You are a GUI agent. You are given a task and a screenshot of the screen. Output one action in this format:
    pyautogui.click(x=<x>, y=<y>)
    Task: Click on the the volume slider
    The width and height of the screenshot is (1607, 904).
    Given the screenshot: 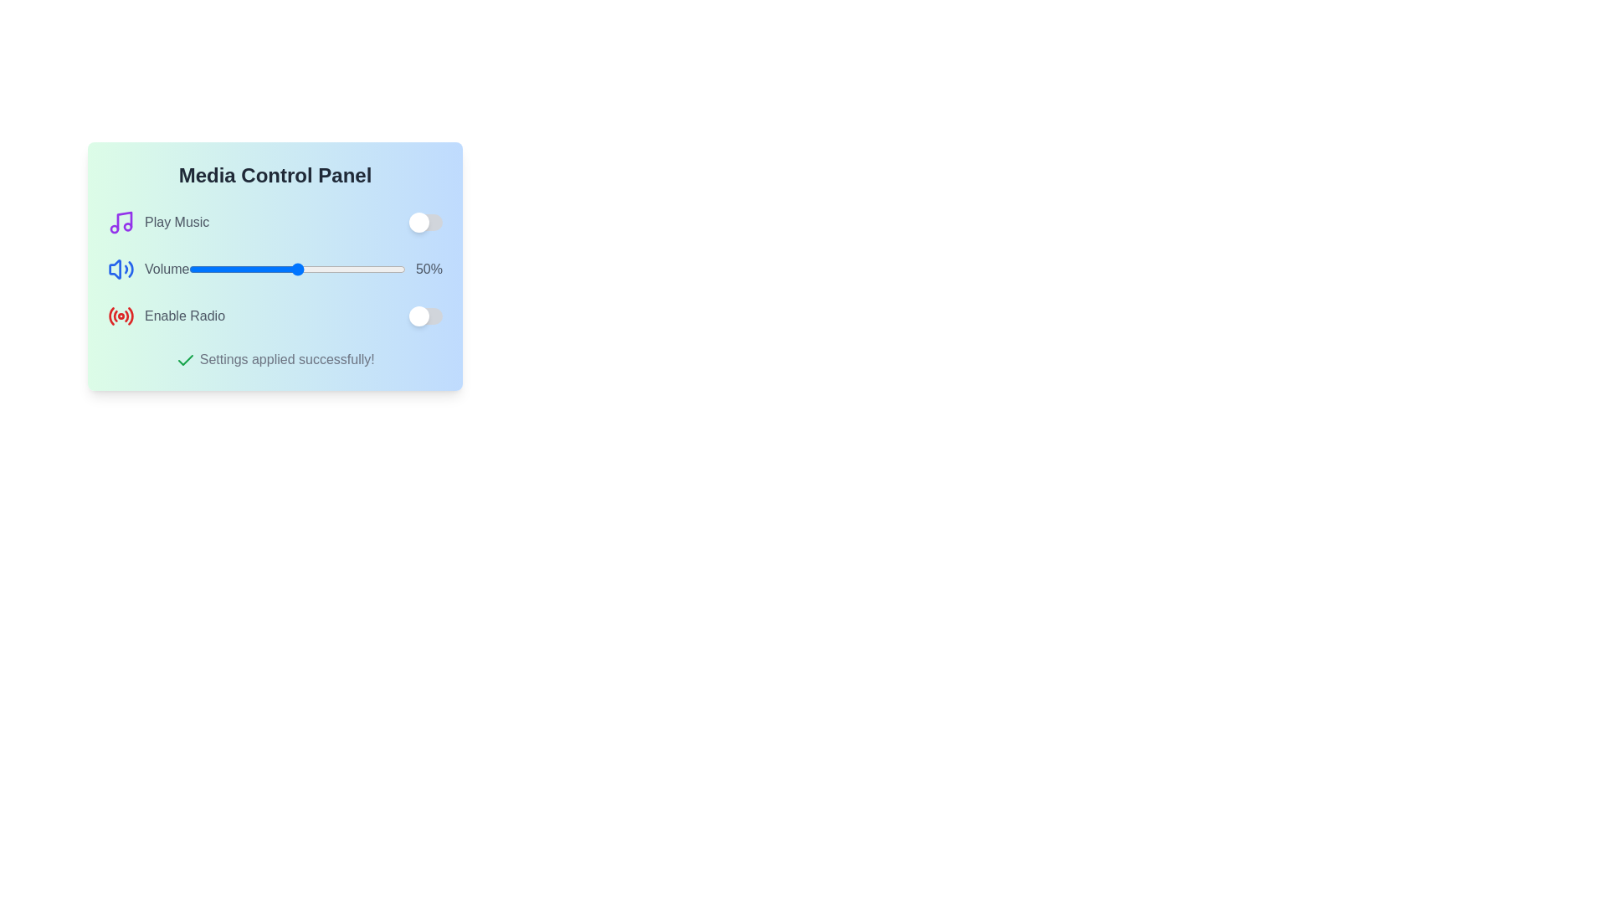 What is the action you would take?
    pyautogui.click(x=316, y=268)
    